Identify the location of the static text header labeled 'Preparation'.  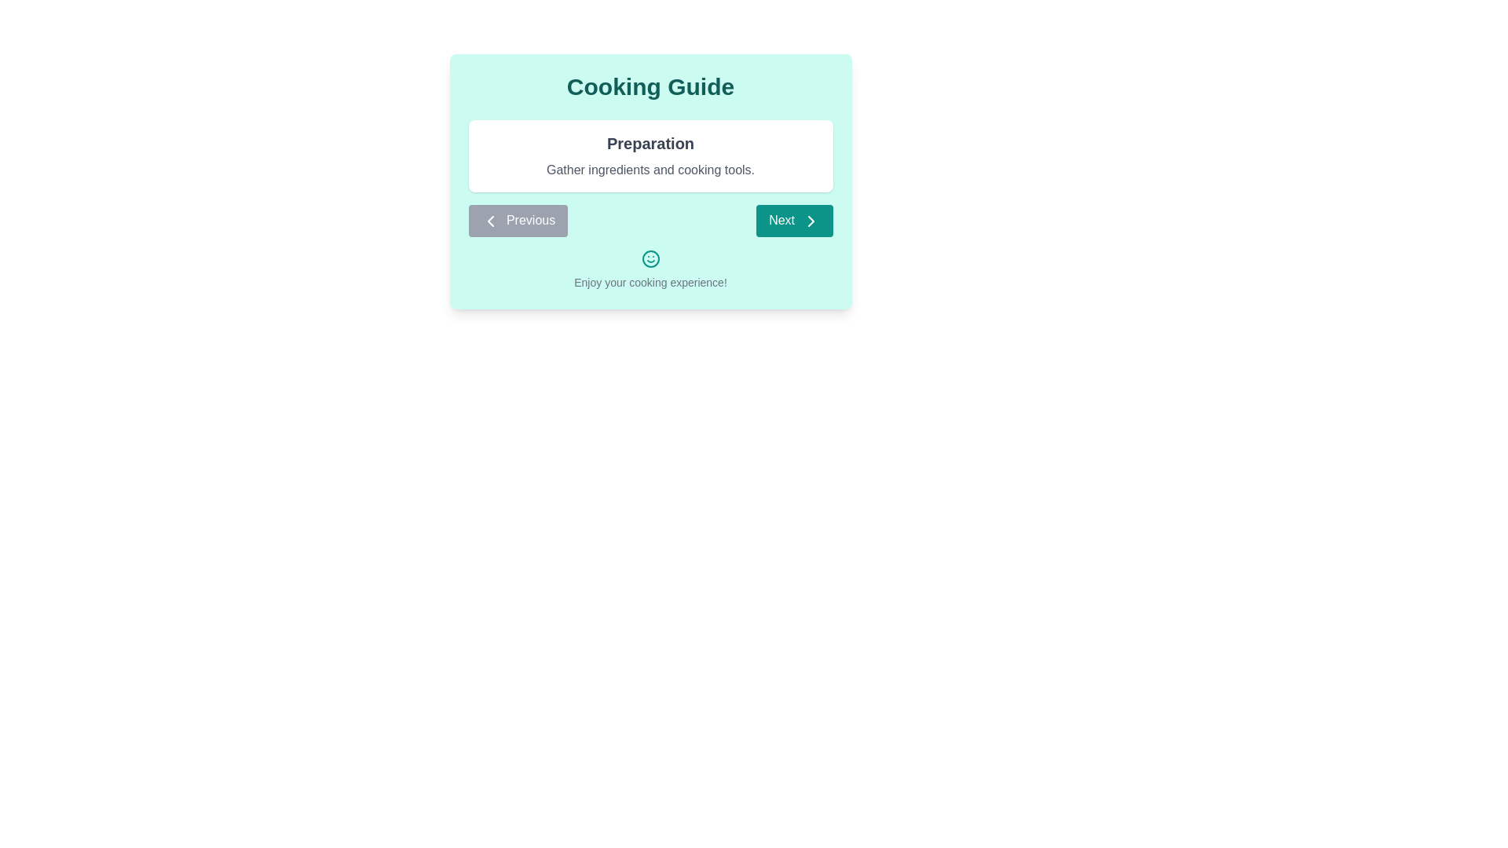
(650, 143).